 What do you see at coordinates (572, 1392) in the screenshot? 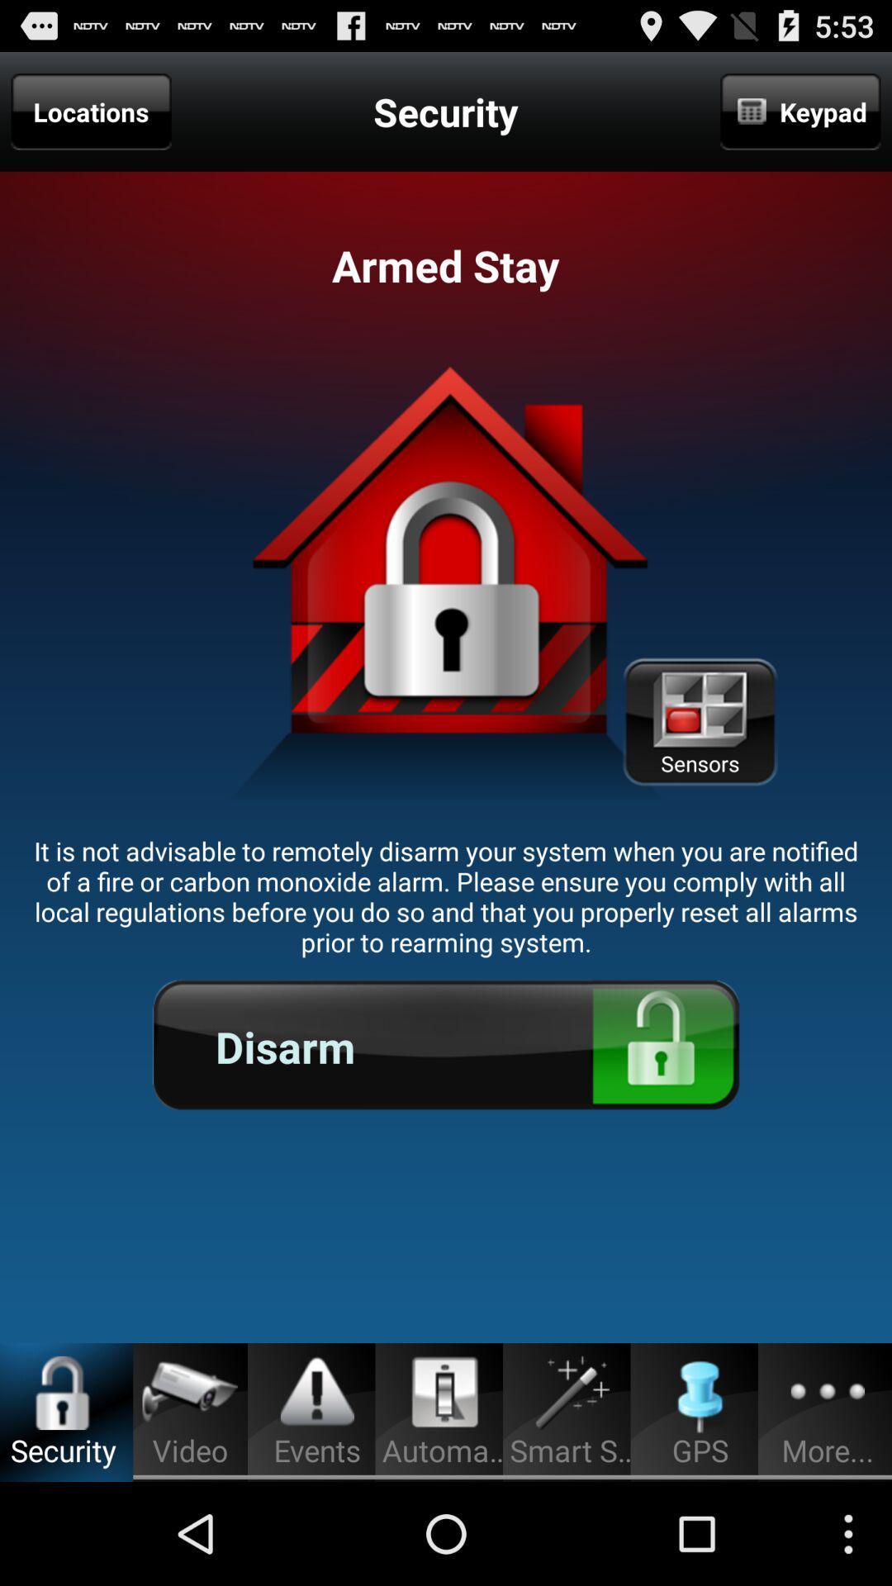
I see `icon left to gps` at bounding box center [572, 1392].